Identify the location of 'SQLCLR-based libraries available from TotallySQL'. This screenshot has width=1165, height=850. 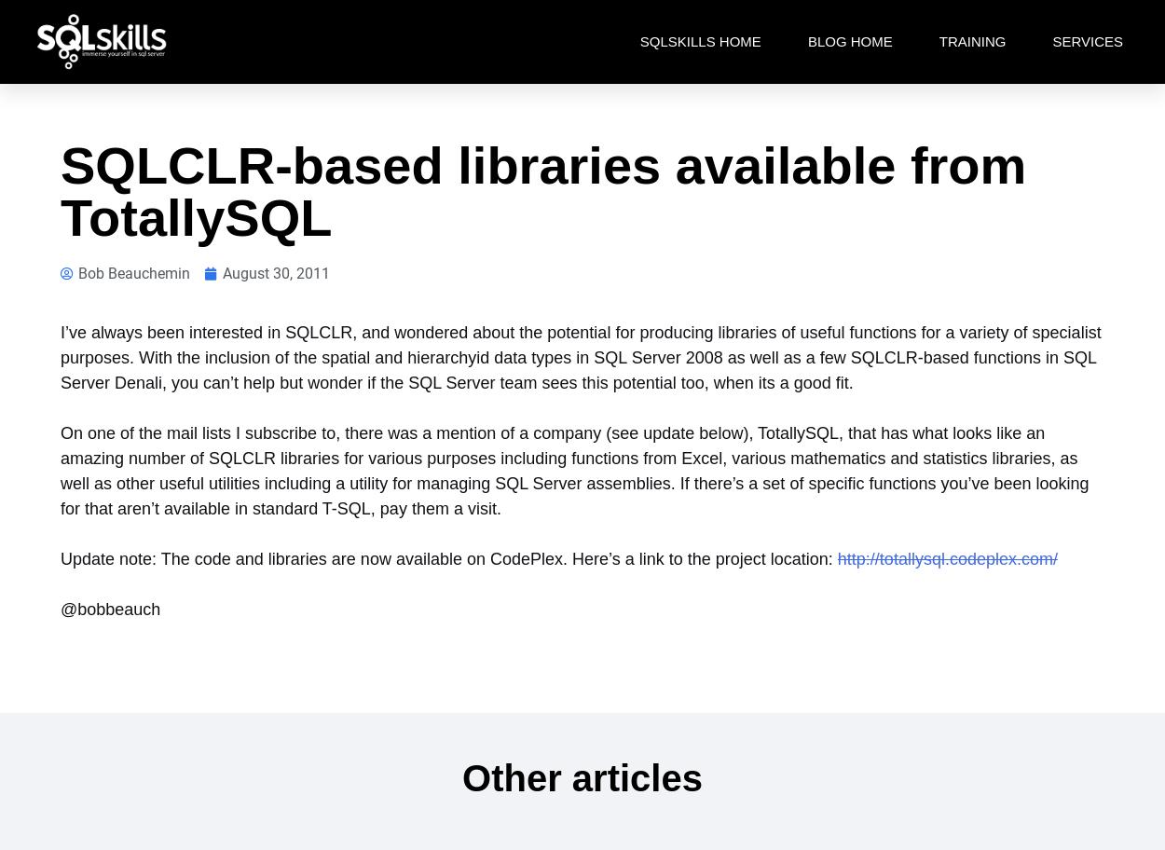
(542, 190).